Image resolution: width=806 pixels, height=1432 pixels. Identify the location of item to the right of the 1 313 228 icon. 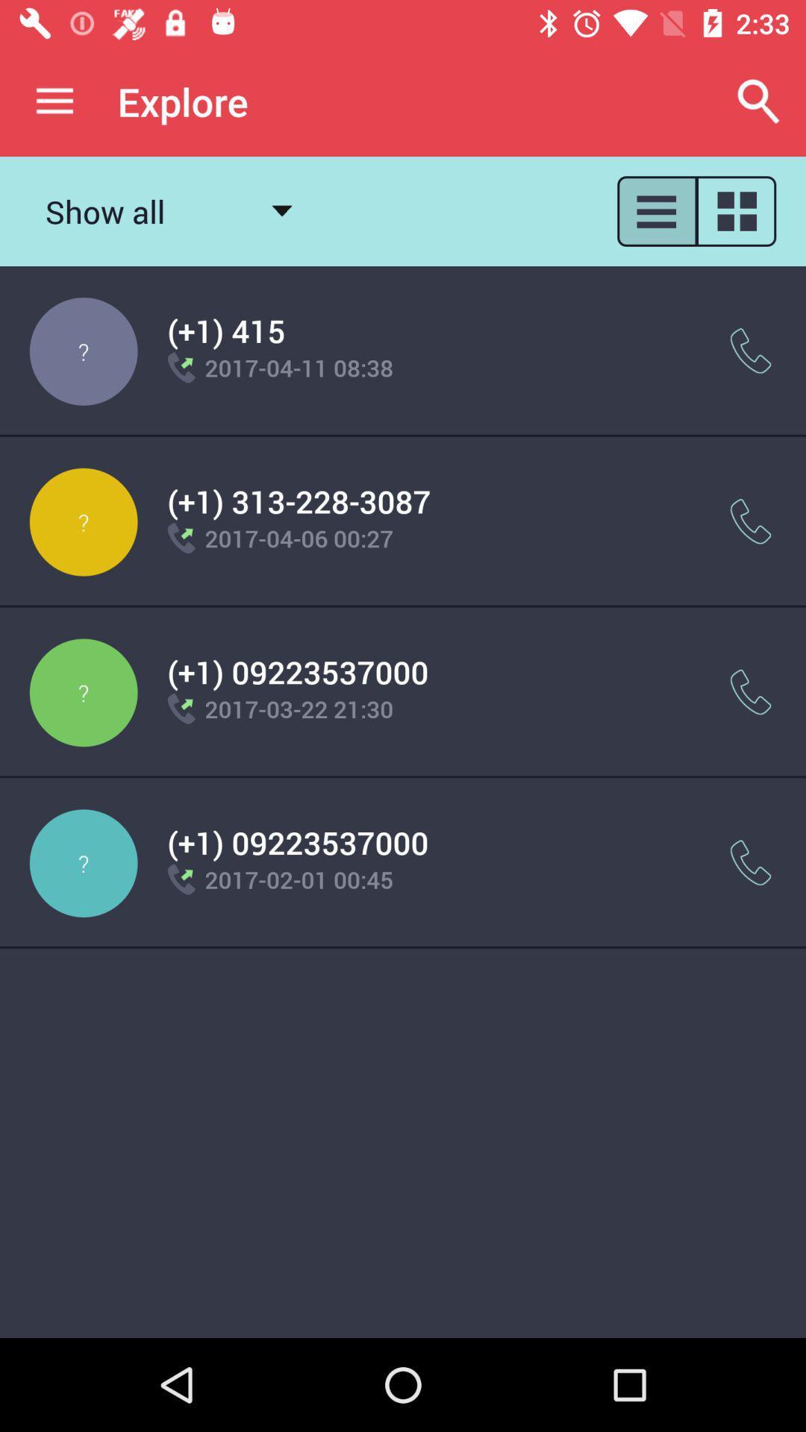
(751, 521).